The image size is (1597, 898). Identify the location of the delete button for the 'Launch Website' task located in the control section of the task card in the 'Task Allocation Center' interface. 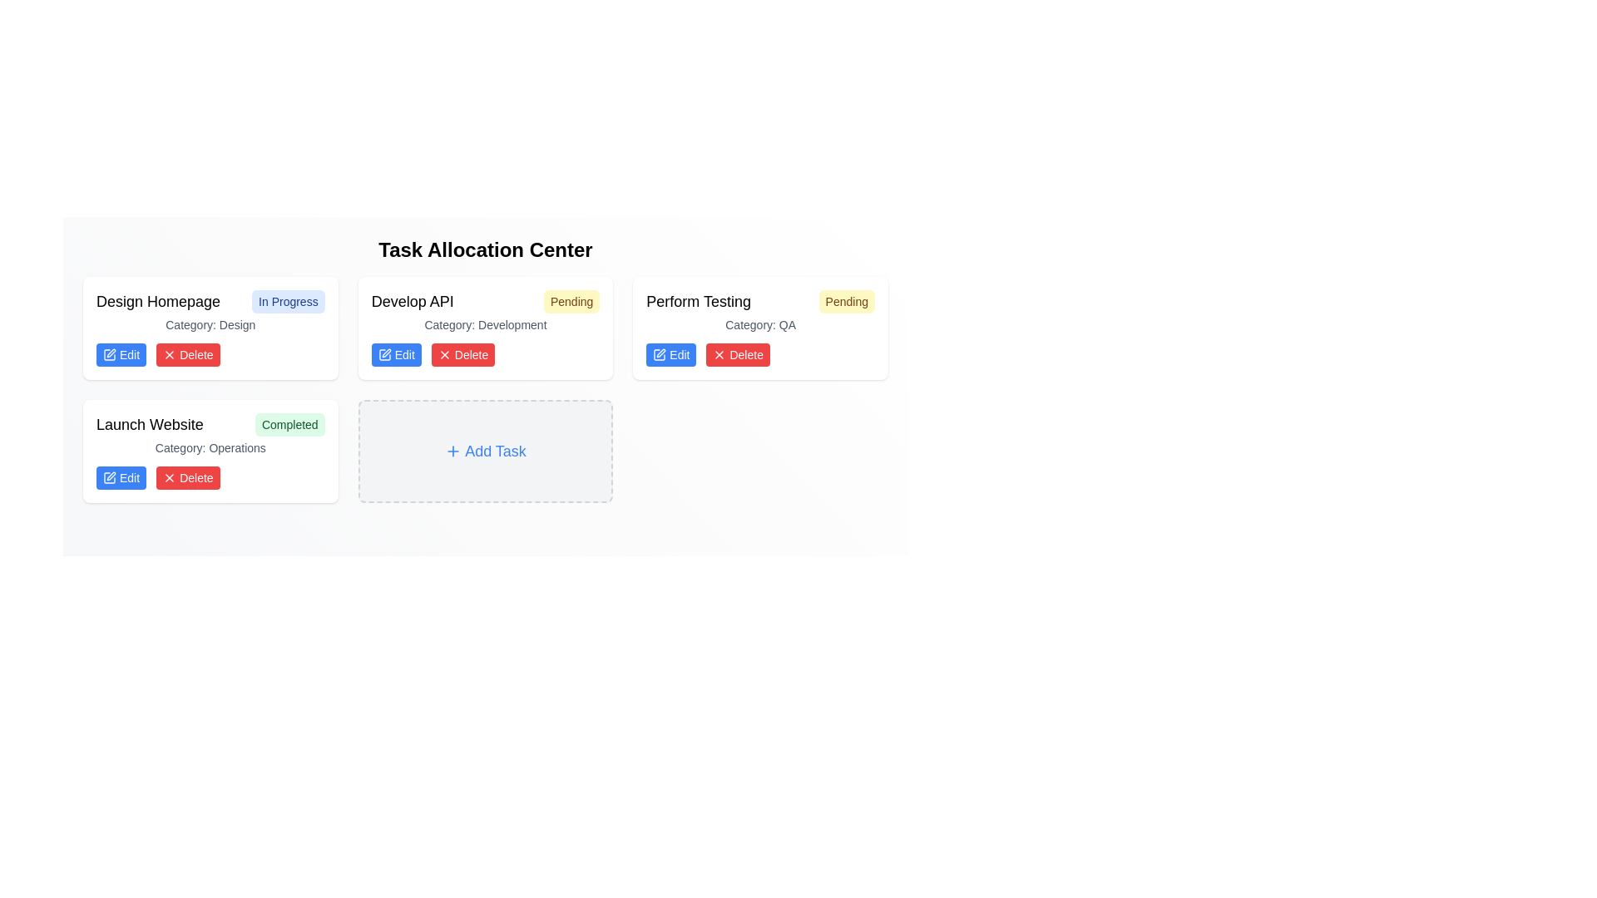
(188, 477).